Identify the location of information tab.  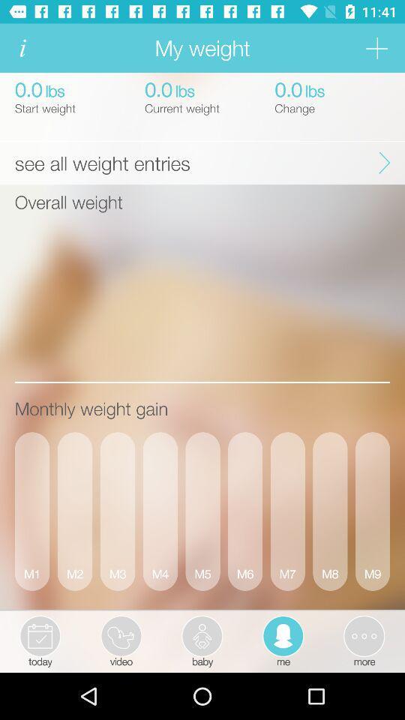
(22, 48).